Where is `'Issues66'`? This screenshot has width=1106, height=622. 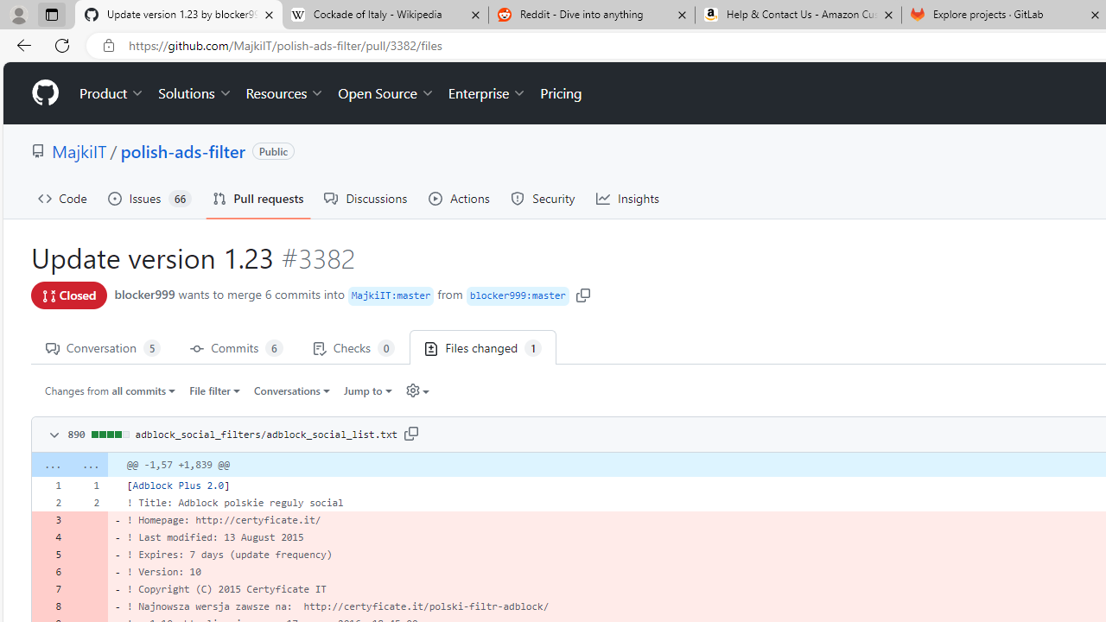
'Issues66' is located at coordinates (149, 198).